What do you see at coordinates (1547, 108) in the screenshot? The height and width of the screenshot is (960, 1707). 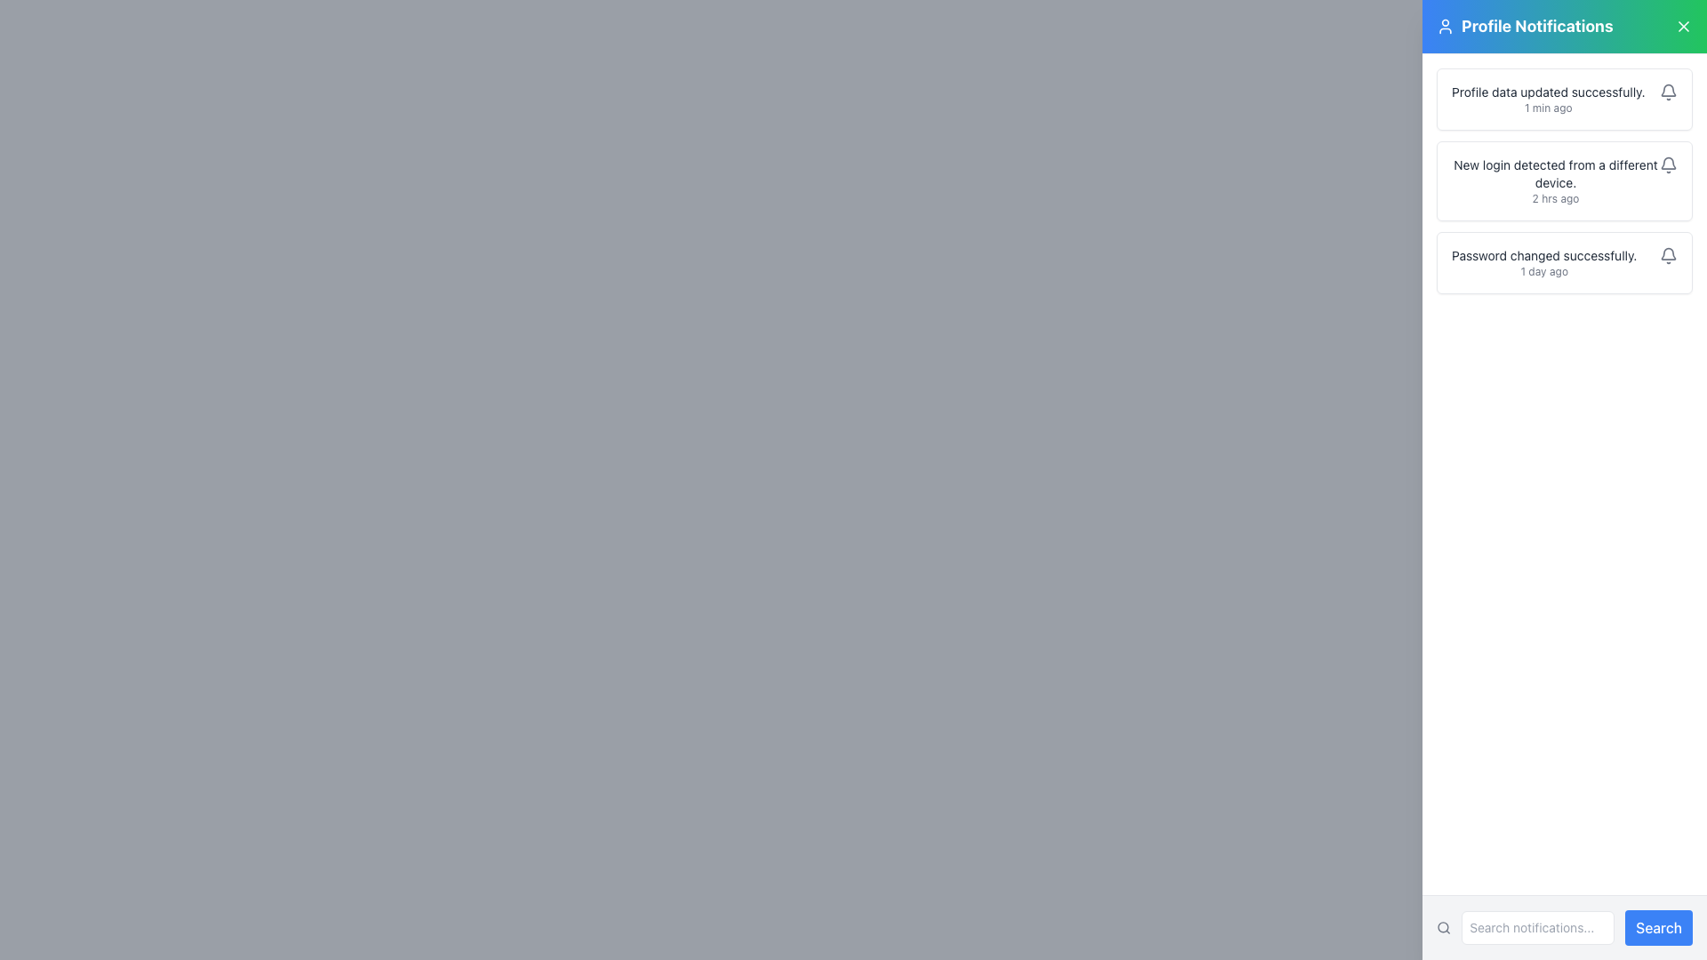 I see `the text label displaying '1 min ago' located below the main message 'Profile data updated successfully.' in the topmost notification card within the 'Profile Notifications' section` at bounding box center [1547, 108].